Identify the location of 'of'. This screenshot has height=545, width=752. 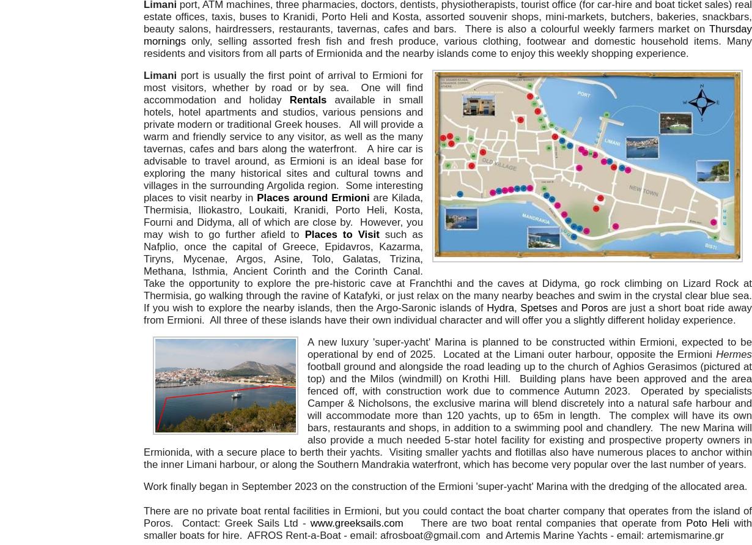
(480, 307).